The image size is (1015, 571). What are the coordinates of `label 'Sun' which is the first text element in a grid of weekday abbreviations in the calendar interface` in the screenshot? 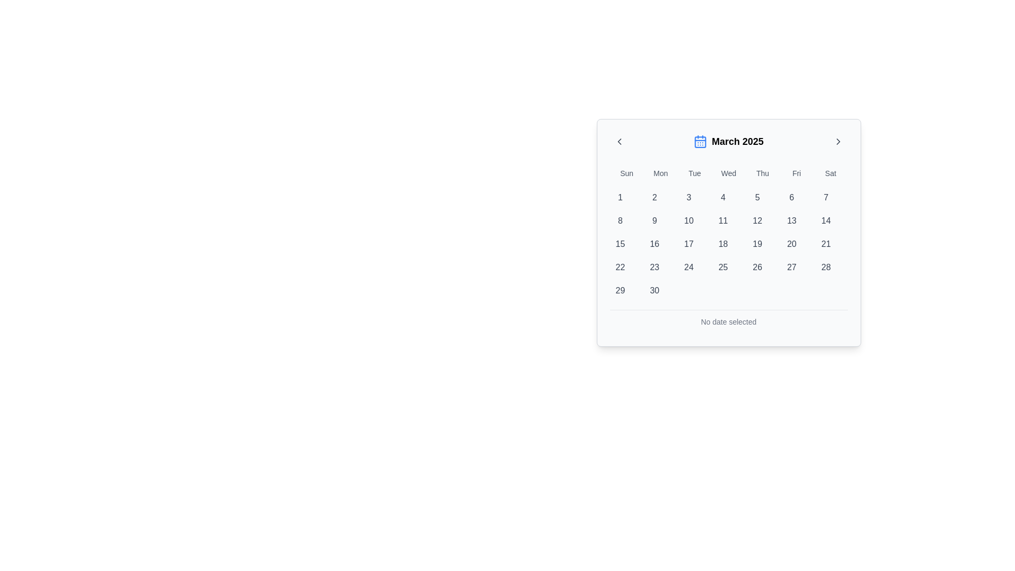 It's located at (626, 172).